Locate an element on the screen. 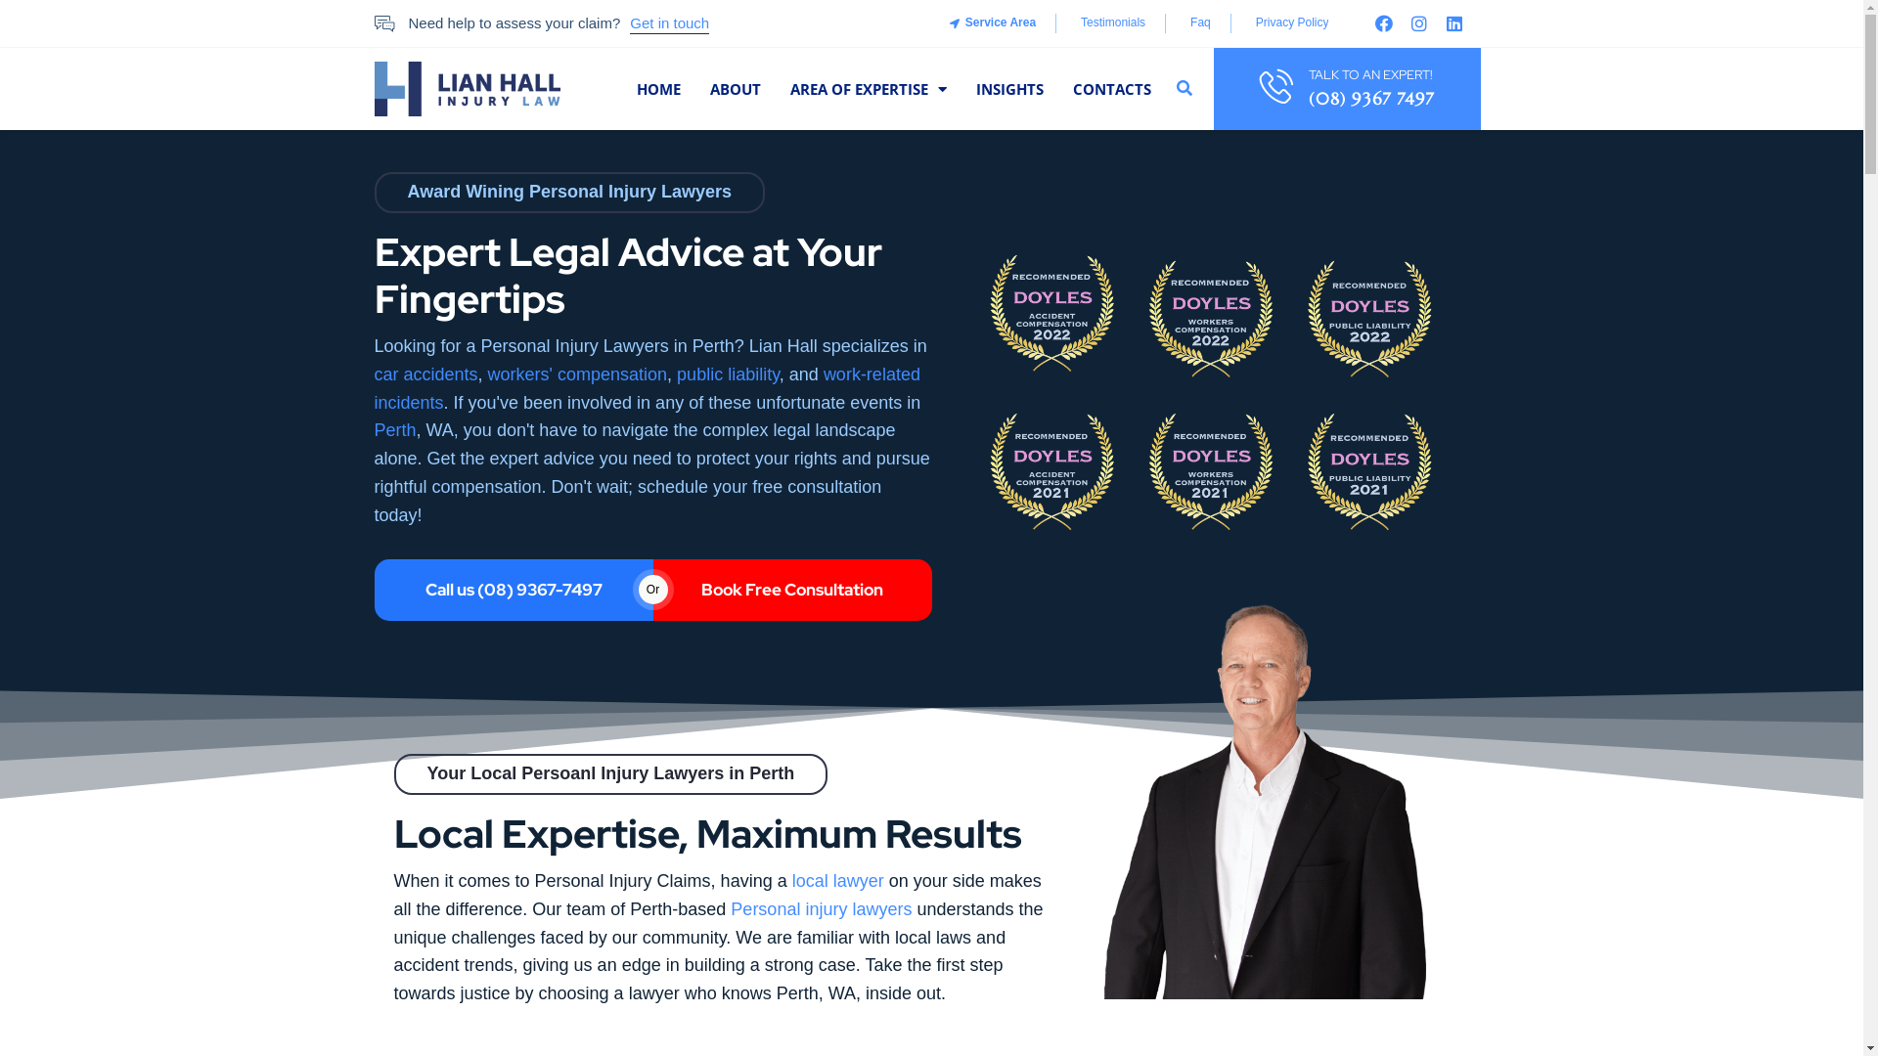 This screenshot has height=1056, width=1878. 'Book Free Consultation' is located at coordinates (792, 590).